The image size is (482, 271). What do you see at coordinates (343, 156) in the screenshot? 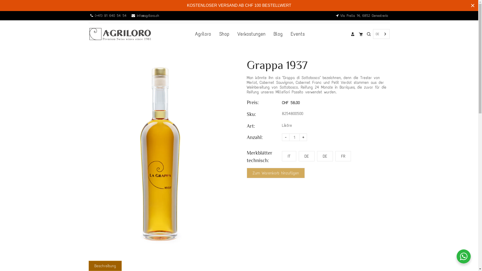
I see `'FR'` at bounding box center [343, 156].